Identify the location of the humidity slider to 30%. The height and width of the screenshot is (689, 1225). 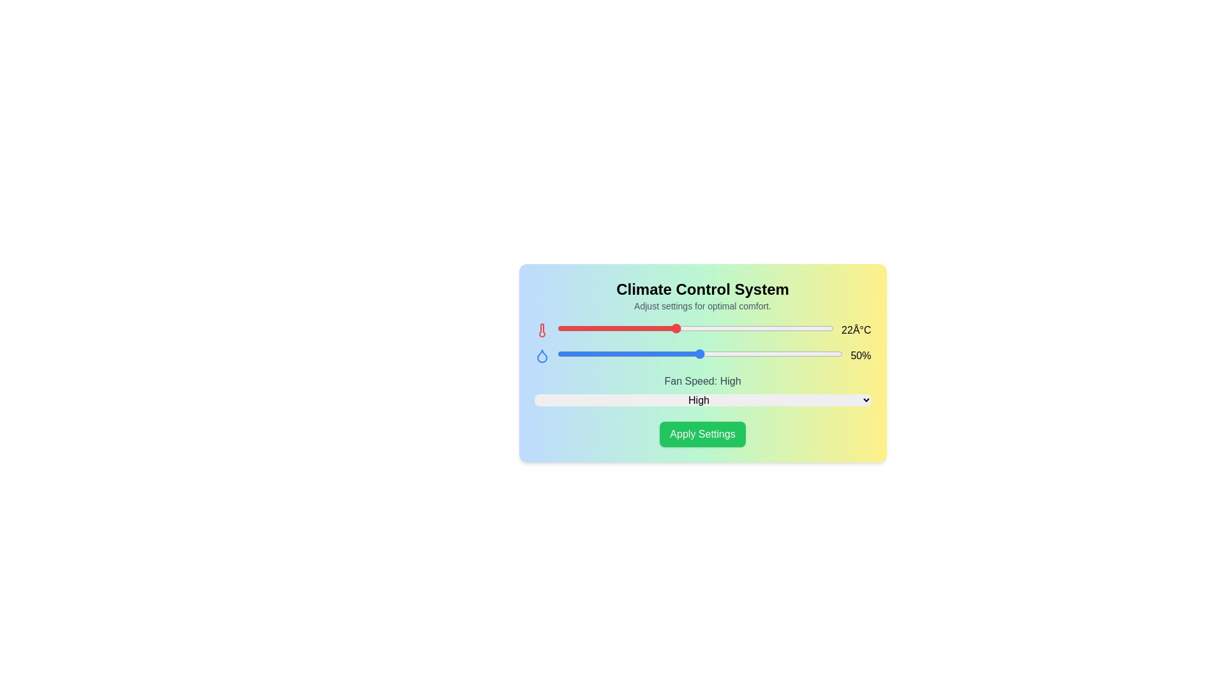
(557, 354).